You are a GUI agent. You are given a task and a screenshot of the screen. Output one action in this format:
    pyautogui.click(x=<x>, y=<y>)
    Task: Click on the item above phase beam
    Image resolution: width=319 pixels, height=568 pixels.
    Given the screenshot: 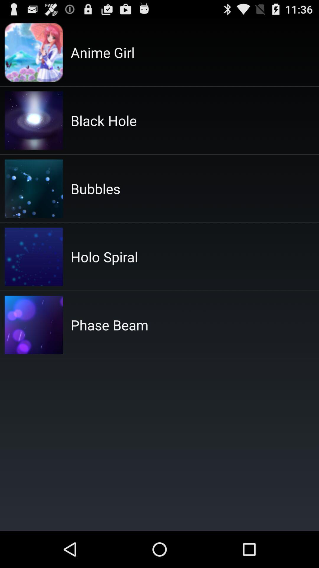 What is the action you would take?
    pyautogui.click(x=104, y=257)
    